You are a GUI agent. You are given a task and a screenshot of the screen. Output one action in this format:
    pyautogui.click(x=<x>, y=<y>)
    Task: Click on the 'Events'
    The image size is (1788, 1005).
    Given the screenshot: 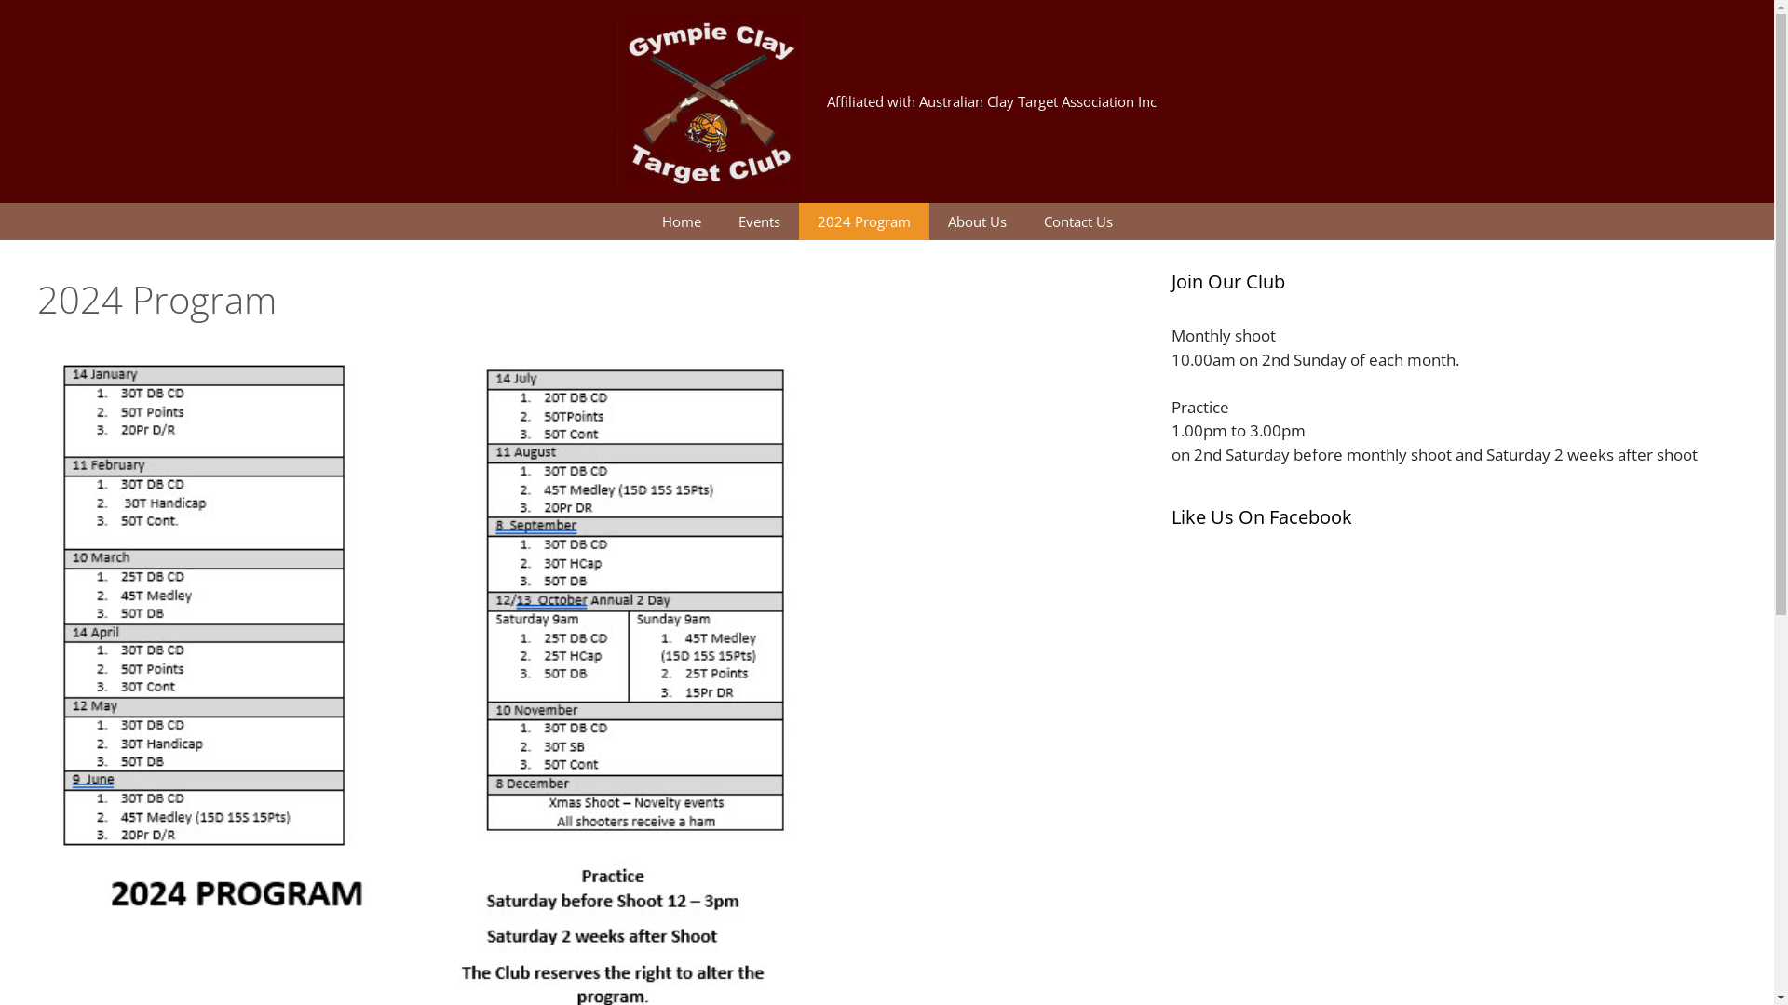 What is the action you would take?
    pyautogui.click(x=718, y=221)
    